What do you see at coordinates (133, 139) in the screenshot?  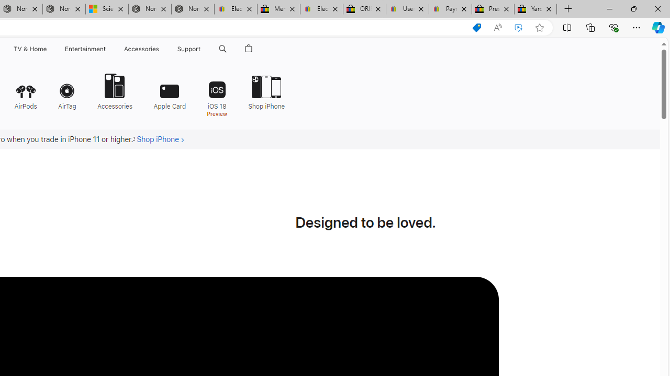 I see `'Footnote 1'` at bounding box center [133, 139].